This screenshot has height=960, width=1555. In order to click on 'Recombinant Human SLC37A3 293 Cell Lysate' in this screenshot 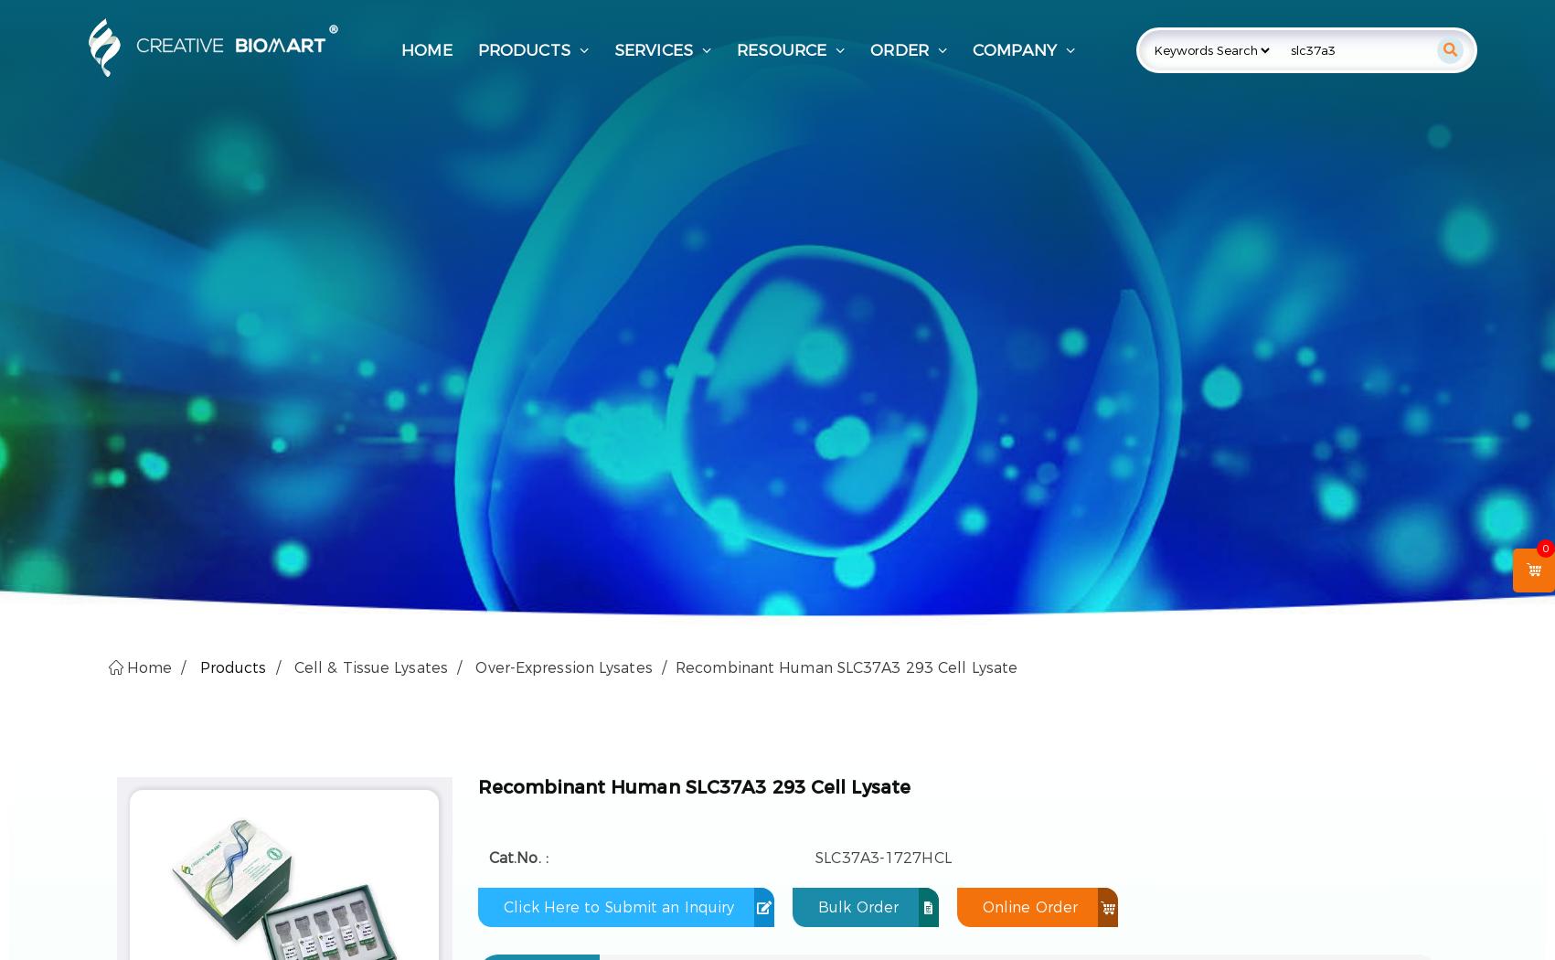, I will do `click(846, 667)`.